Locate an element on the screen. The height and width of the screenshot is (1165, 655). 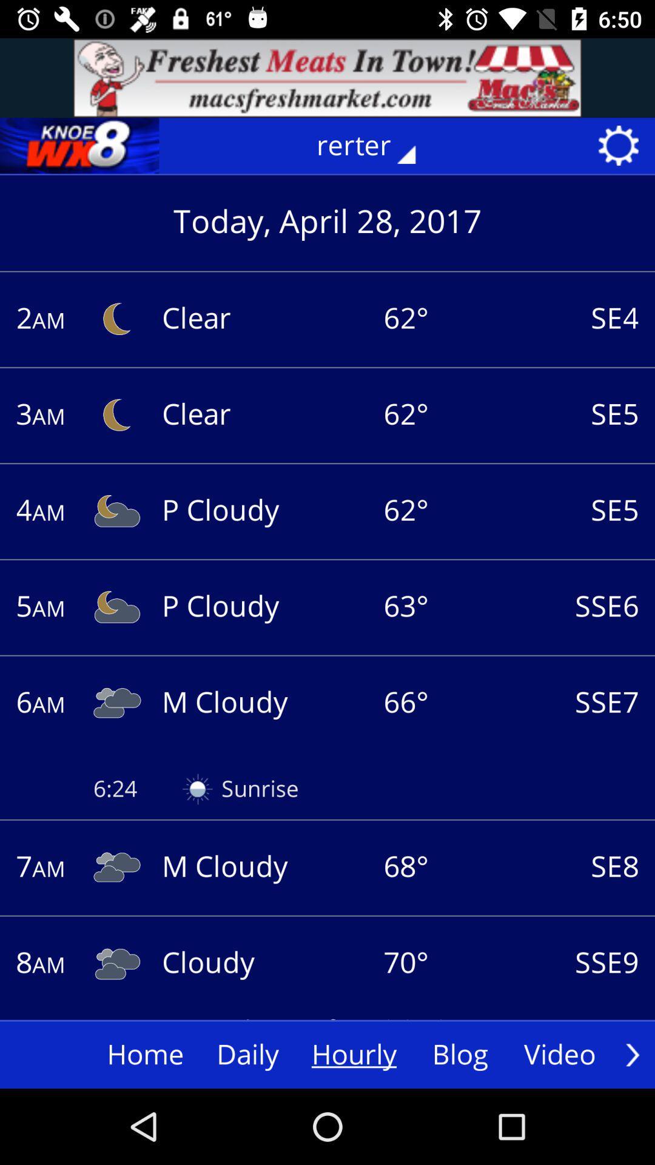
the arrow_forward icon is located at coordinates (632, 1054).